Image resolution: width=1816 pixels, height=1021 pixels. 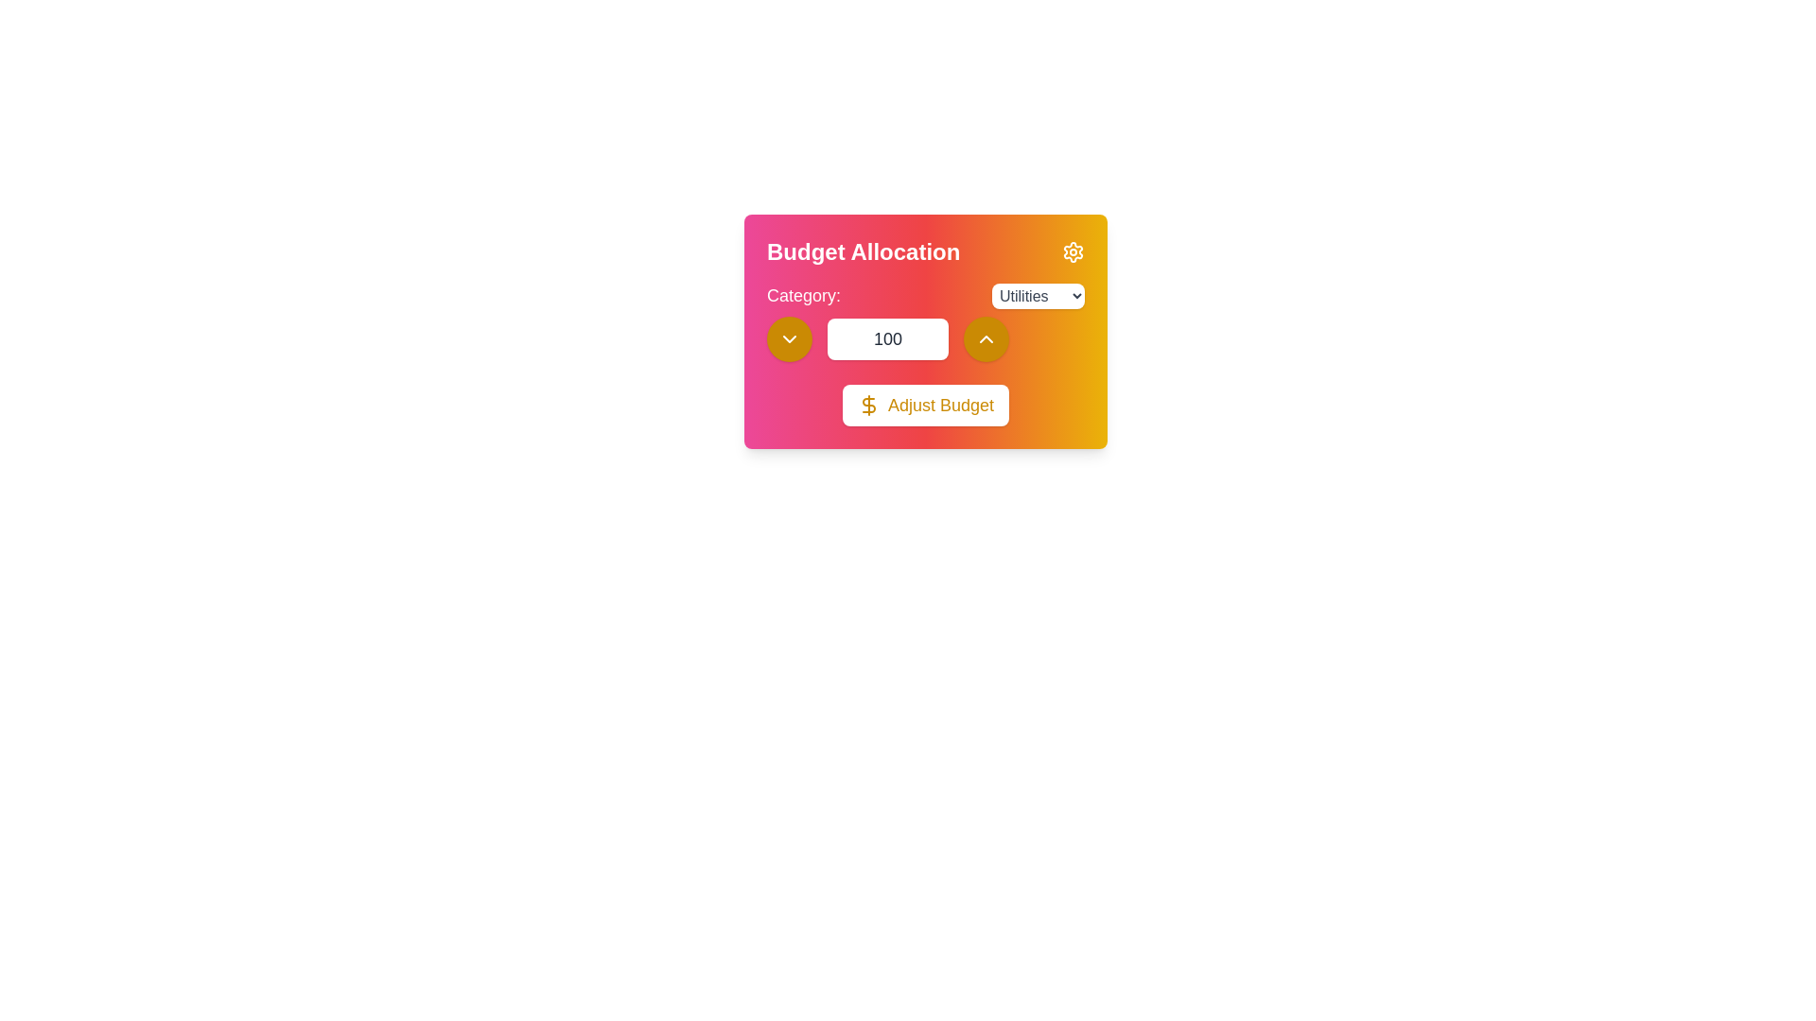 What do you see at coordinates (790, 337) in the screenshot?
I see `the small circular yellow decrement button with a downward-facing white chevron icon located to the left of the number input field` at bounding box center [790, 337].